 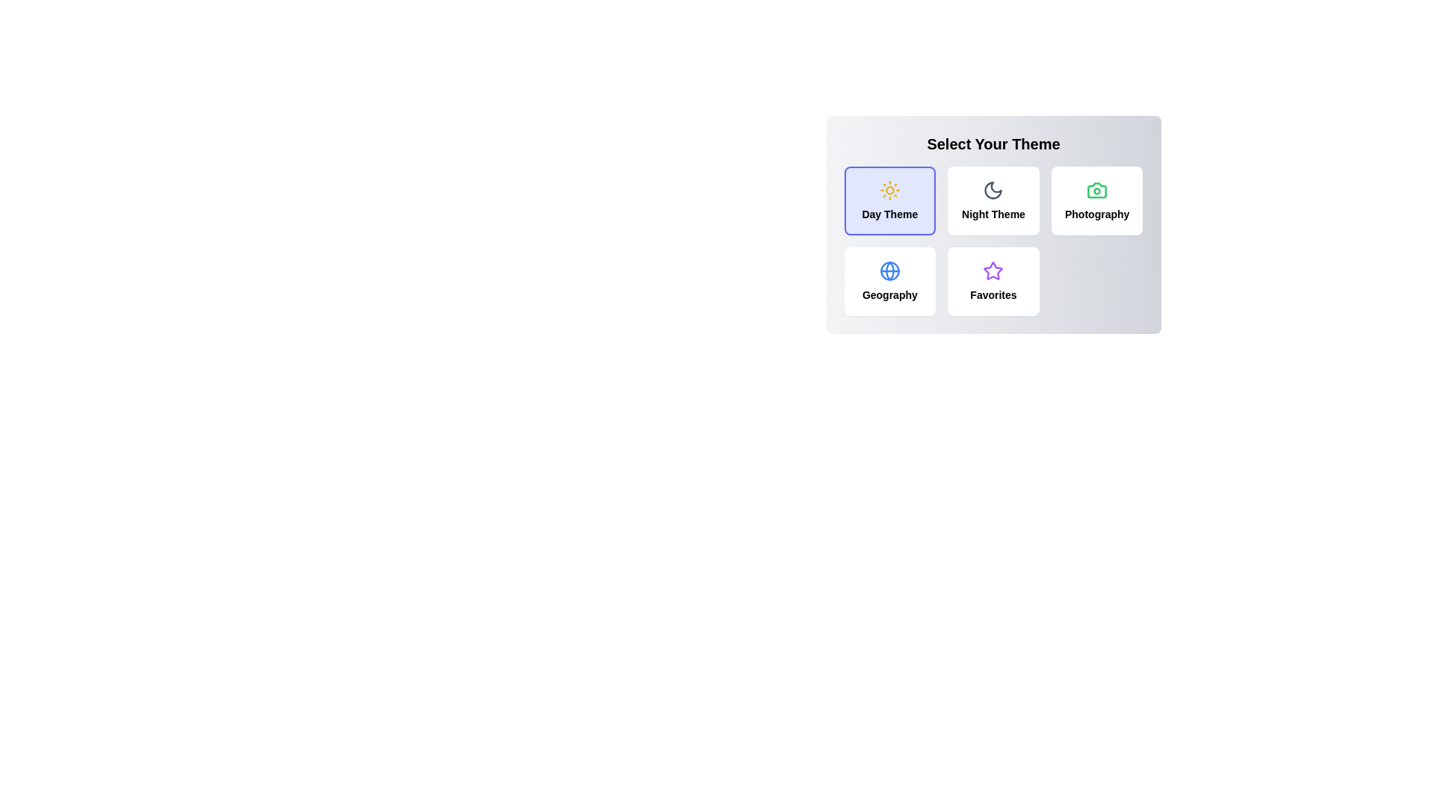 I want to click on the bottom-left button in the 3x2 grid, so click(x=889, y=282).